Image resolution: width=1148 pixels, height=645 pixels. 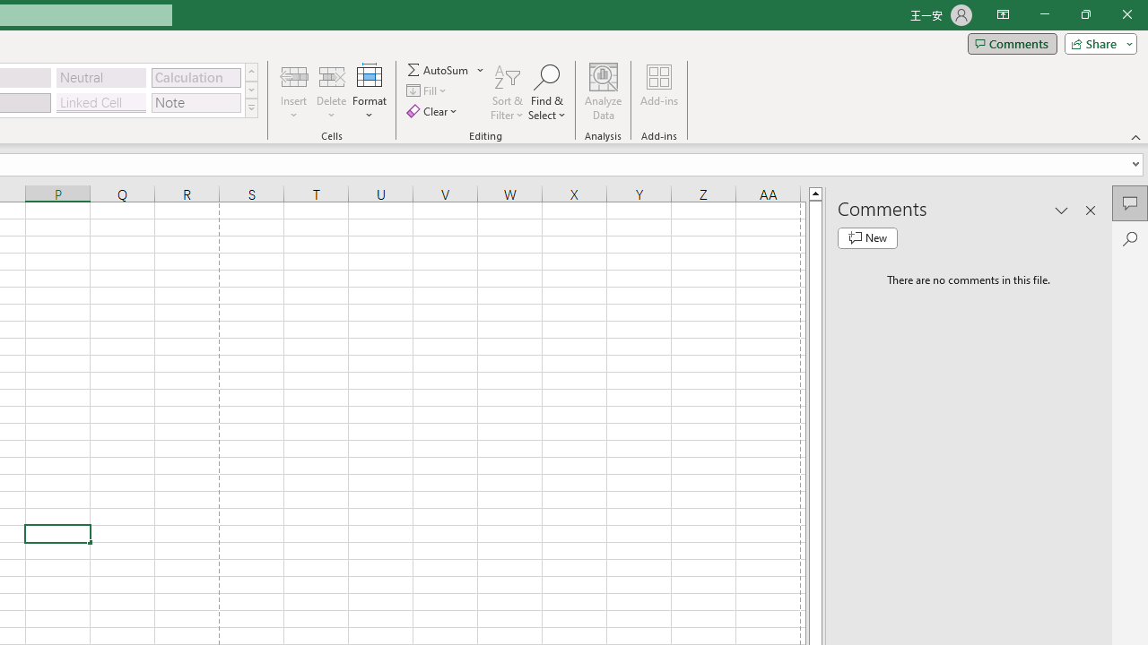 What do you see at coordinates (814, 193) in the screenshot?
I see `'Line up'` at bounding box center [814, 193].